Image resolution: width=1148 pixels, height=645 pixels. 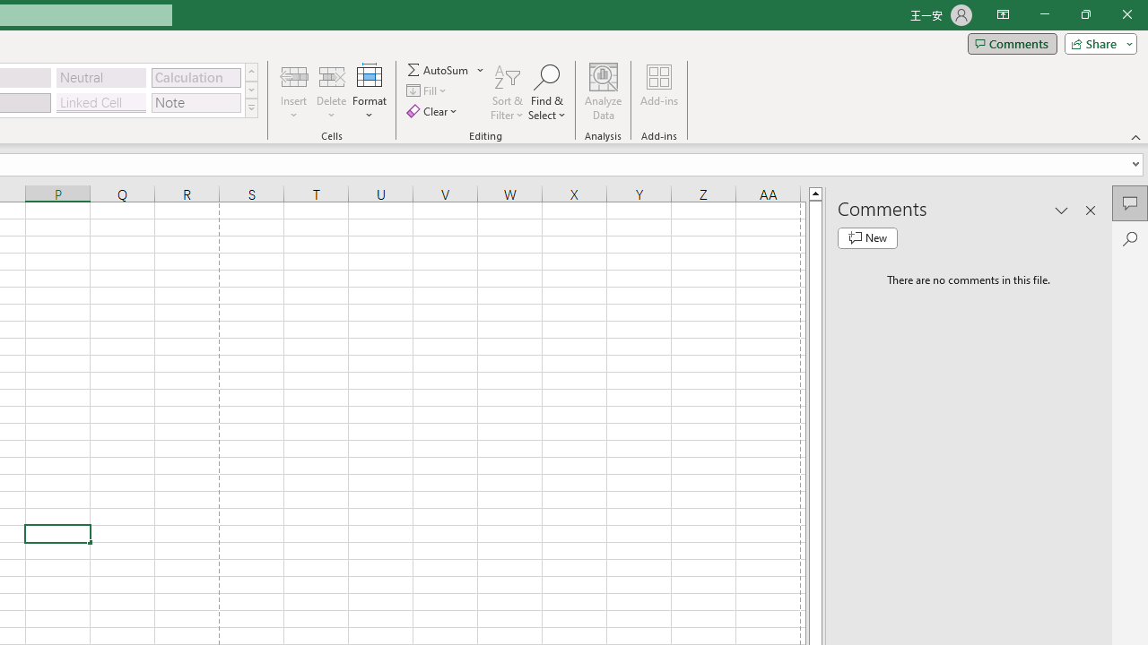 What do you see at coordinates (814, 193) in the screenshot?
I see `'Line up'` at bounding box center [814, 193].